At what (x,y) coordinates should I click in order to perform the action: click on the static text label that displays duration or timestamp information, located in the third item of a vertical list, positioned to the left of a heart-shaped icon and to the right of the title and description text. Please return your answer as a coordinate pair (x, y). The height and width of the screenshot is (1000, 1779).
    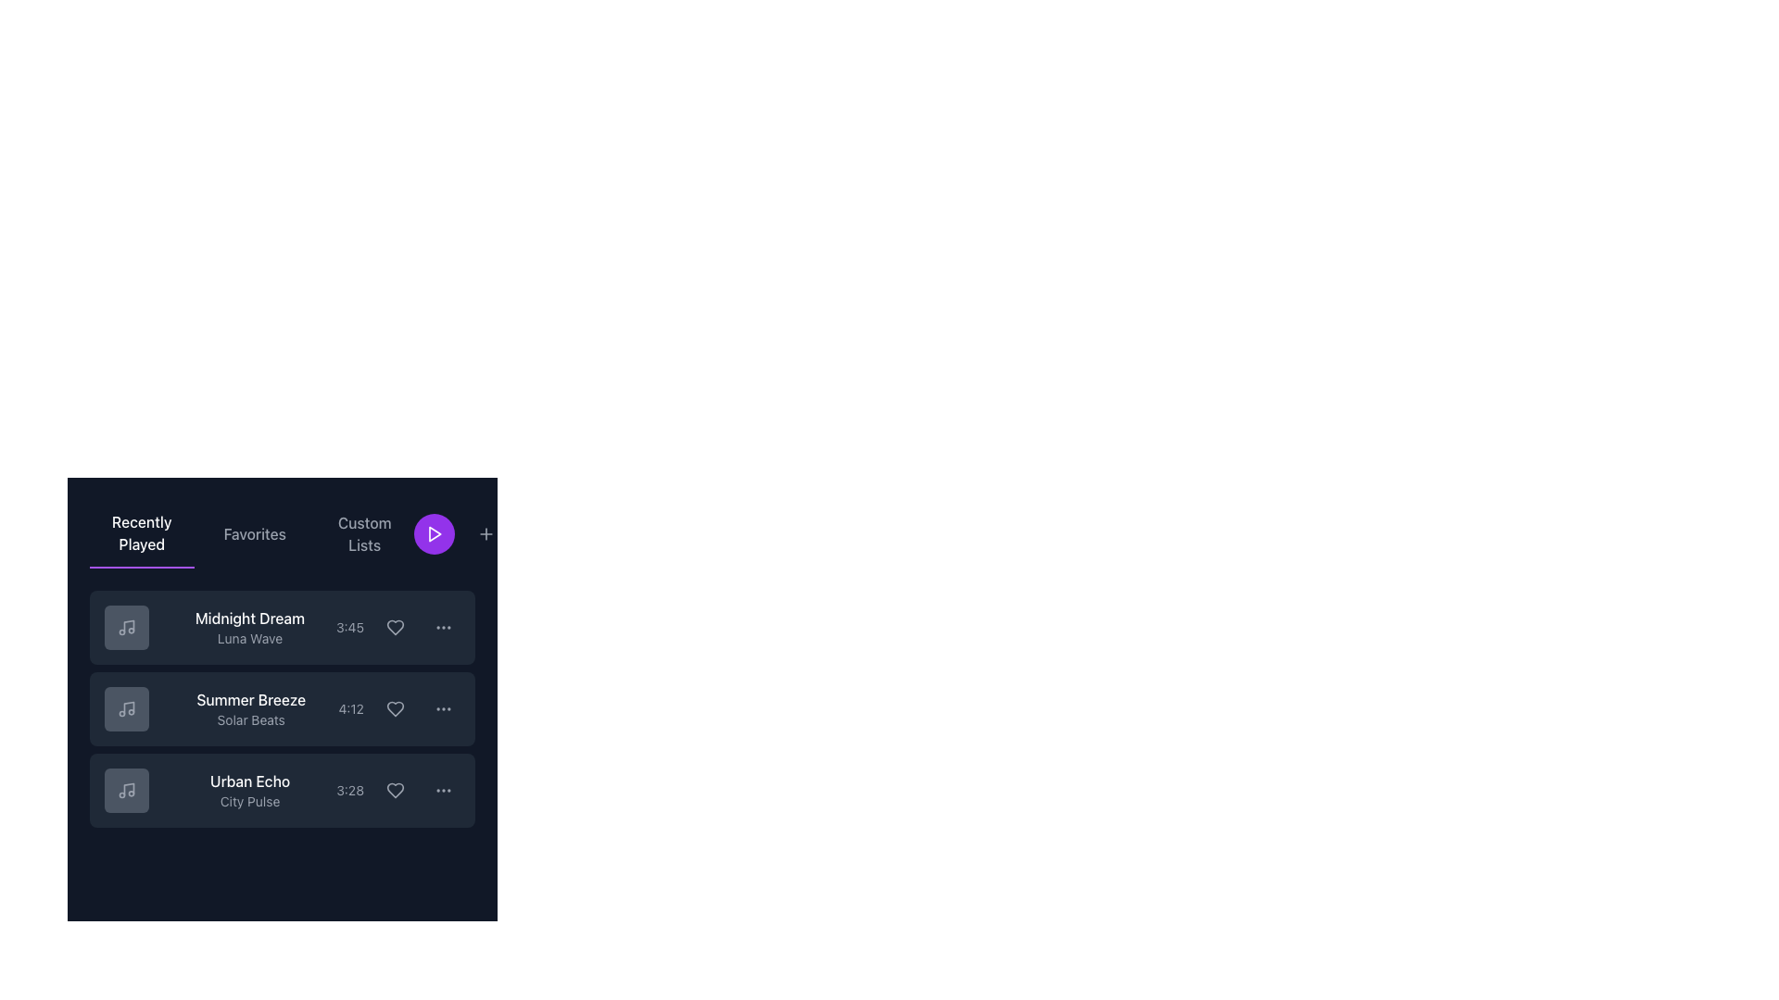
    Looking at the image, I should click on (350, 790).